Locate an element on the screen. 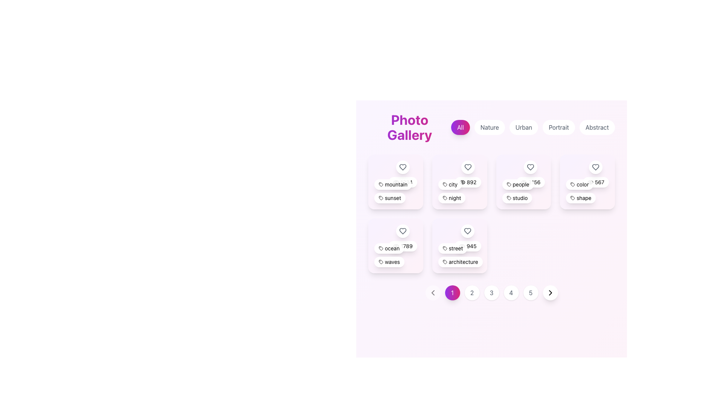 The width and height of the screenshot is (723, 406). the non-interactive label categorizing content under 'architecture', positioned below the tag labeled 'street' in the lower section of the tag list is located at coordinates (460, 261).